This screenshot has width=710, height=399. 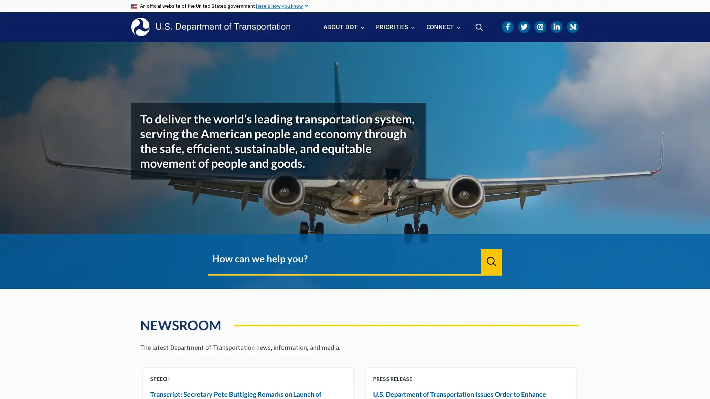 What do you see at coordinates (491, 261) in the screenshot?
I see `Search` at bounding box center [491, 261].